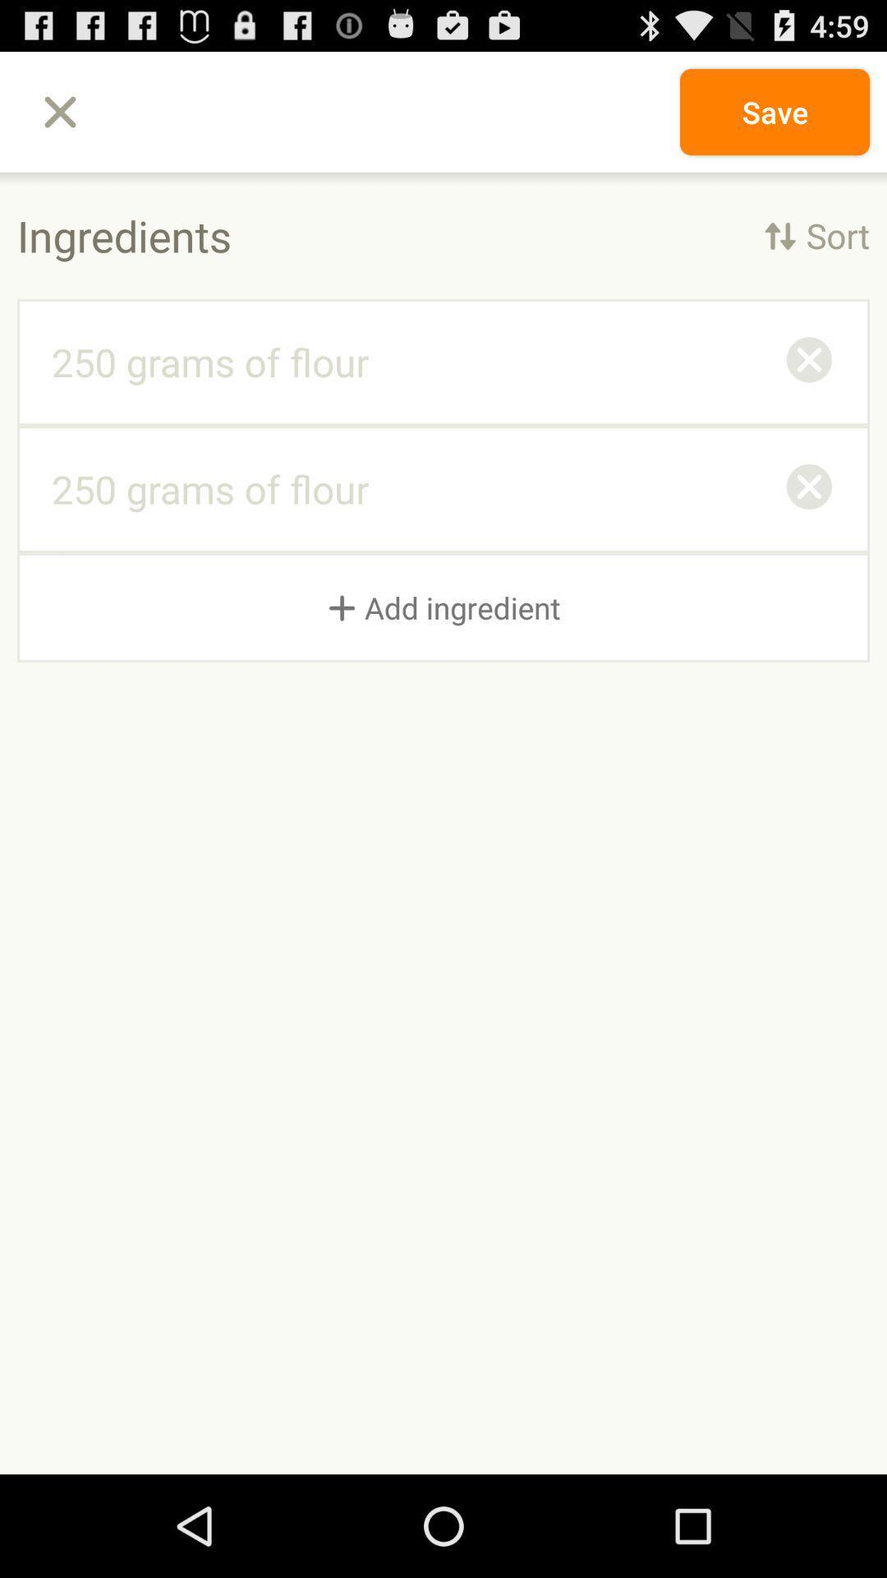 The height and width of the screenshot is (1578, 887). What do you see at coordinates (816, 234) in the screenshot?
I see `icon next to the ingredients item` at bounding box center [816, 234].